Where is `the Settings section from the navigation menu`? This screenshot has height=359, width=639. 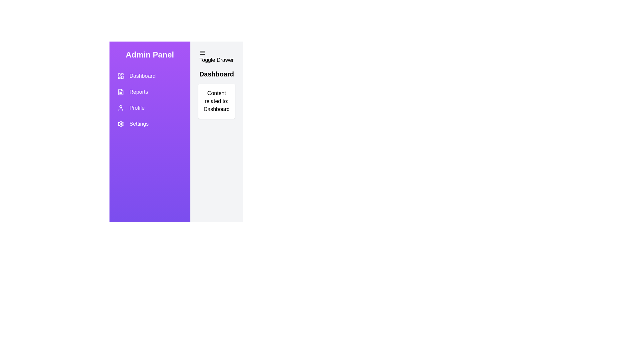 the Settings section from the navigation menu is located at coordinates (149, 124).